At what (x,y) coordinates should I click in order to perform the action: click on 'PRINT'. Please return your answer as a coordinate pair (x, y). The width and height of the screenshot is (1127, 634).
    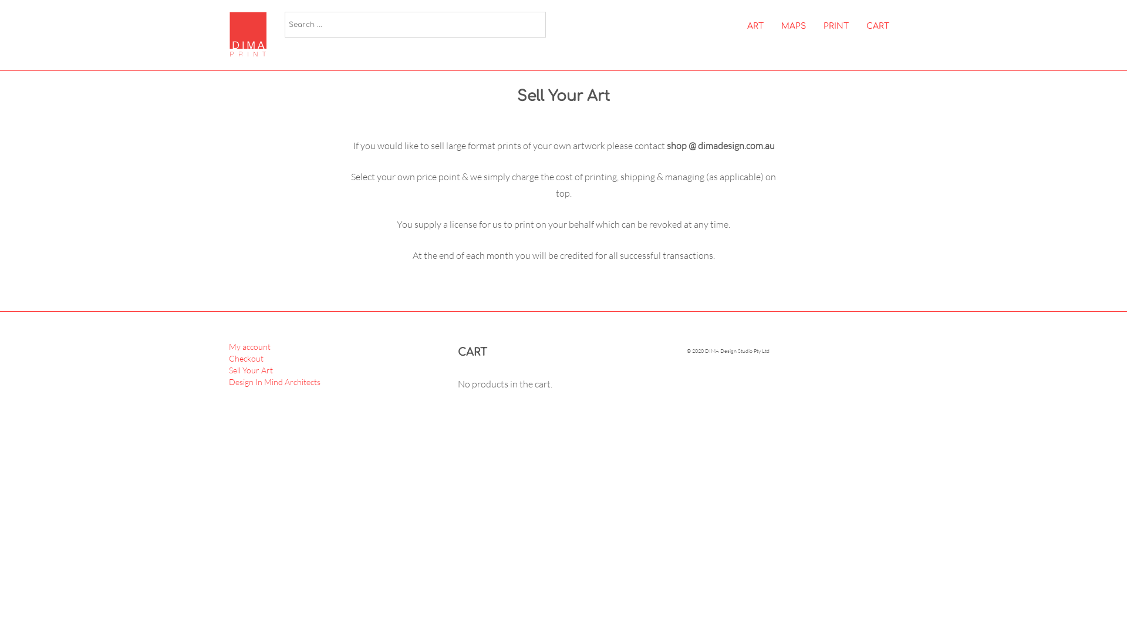
    Looking at the image, I should click on (835, 26).